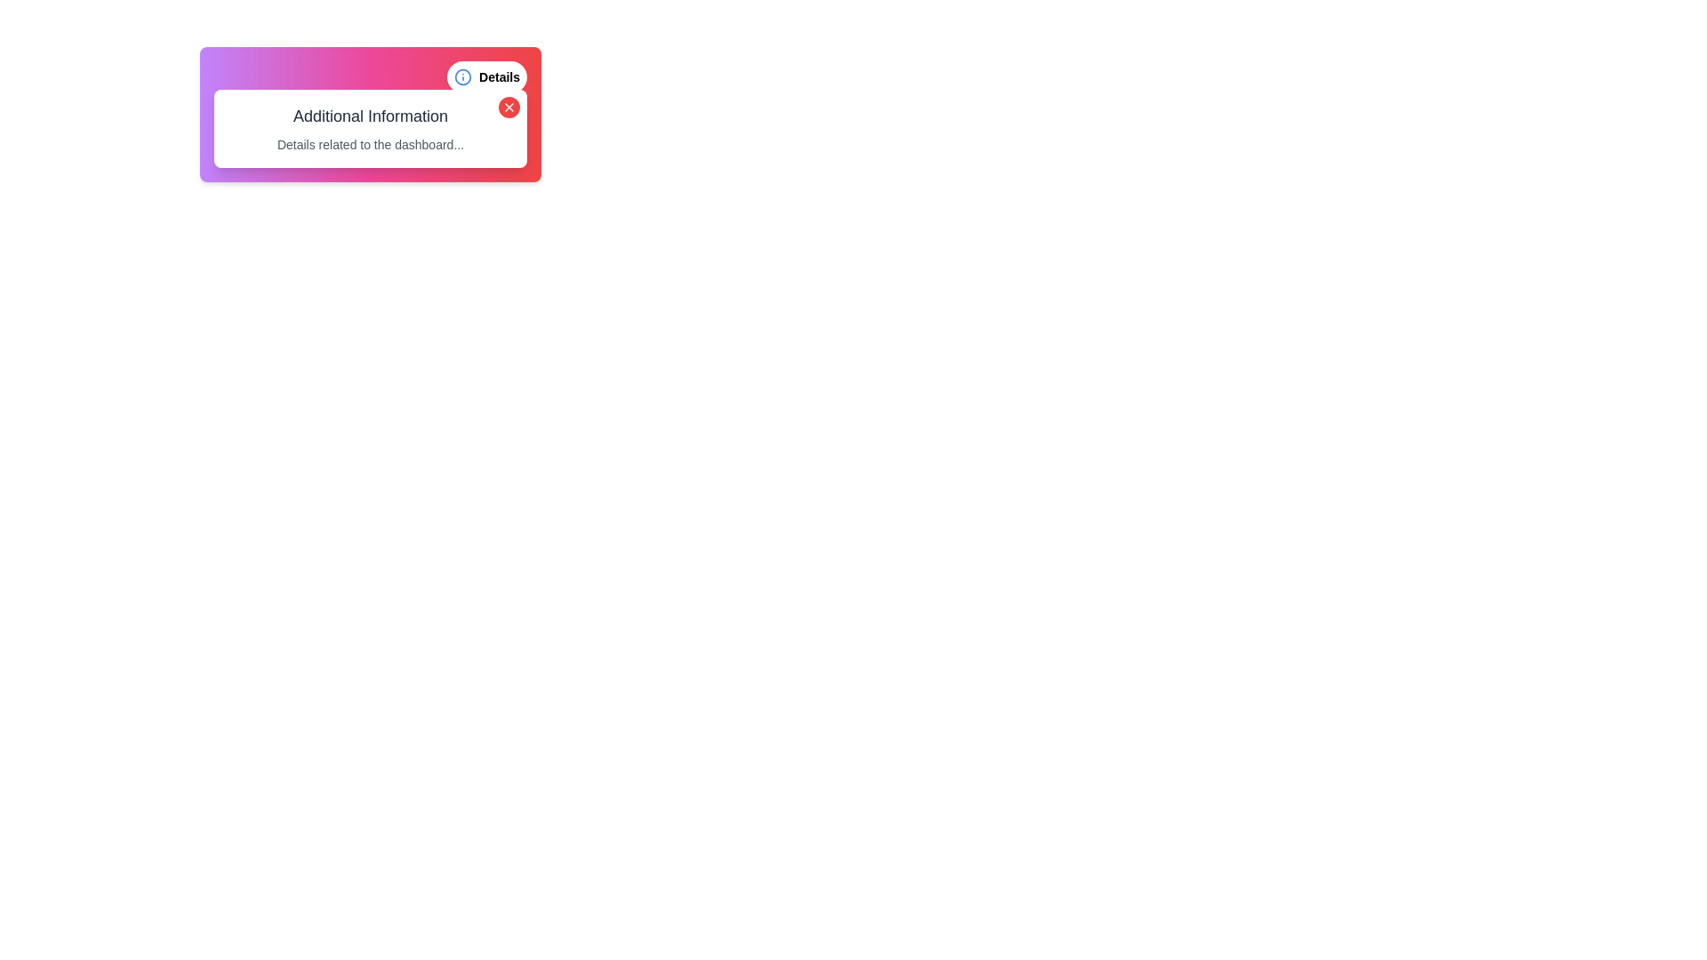 This screenshot has width=1707, height=960. I want to click on the text element styled with a smaller font size and light gray color, located below the 'Dashboard Overview' heading, so click(370, 157).